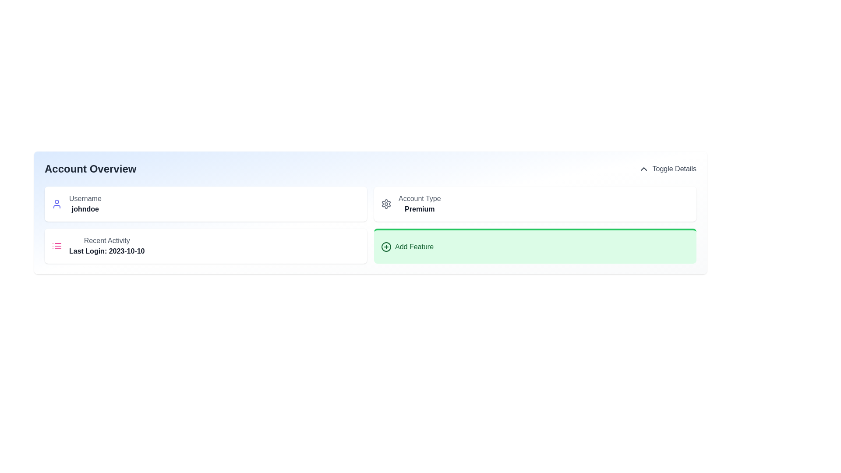 This screenshot has width=841, height=473. What do you see at coordinates (535, 204) in the screenshot?
I see `the account type panel located in the top-right section of the user information grid layout` at bounding box center [535, 204].